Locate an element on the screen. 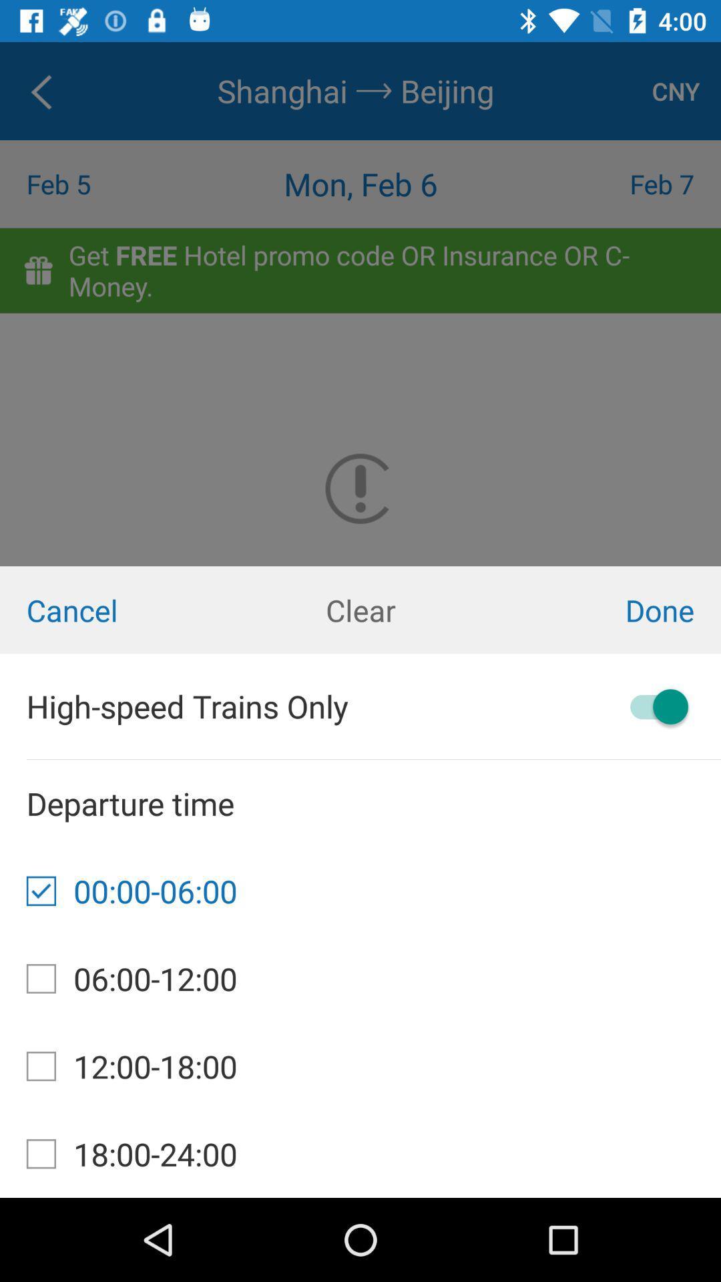 This screenshot has height=1282, width=721. the done item is located at coordinates (599, 609).